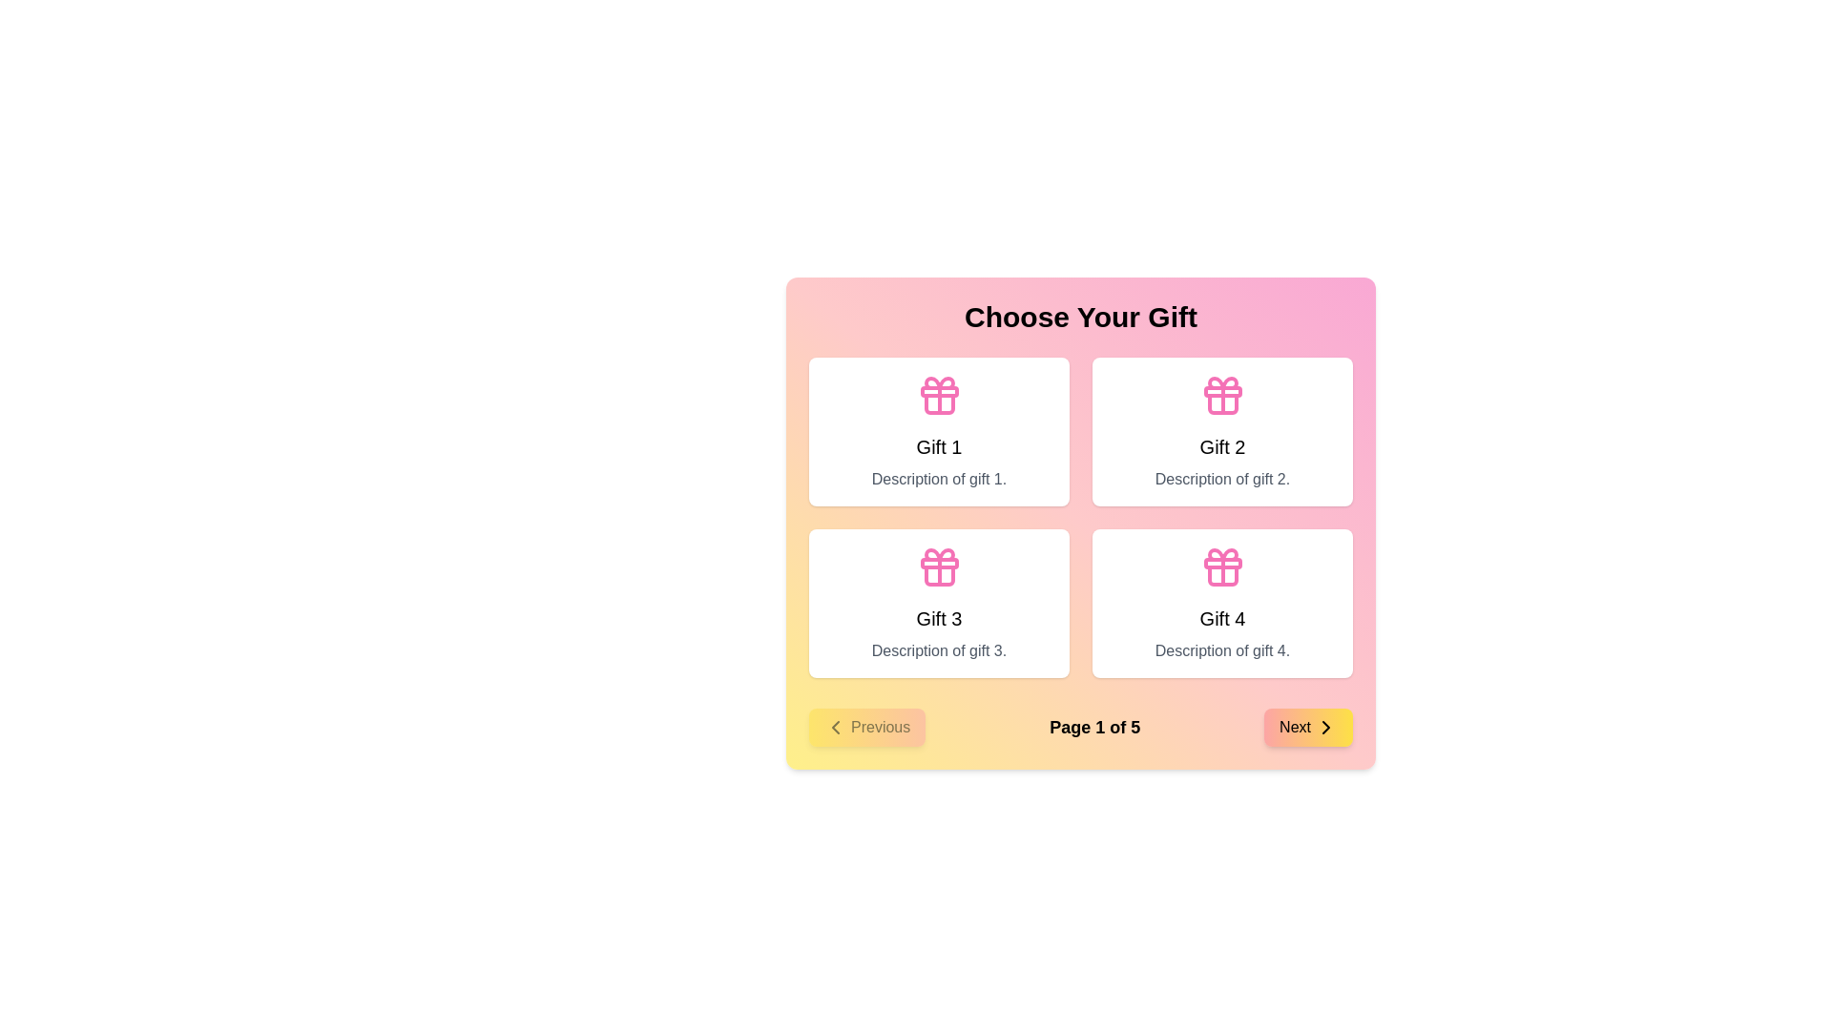  Describe the element at coordinates (1222, 566) in the screenshot. I see `the pink gift icon with rounded edges located at the top-center of the 'Gift 4' box` at that location.